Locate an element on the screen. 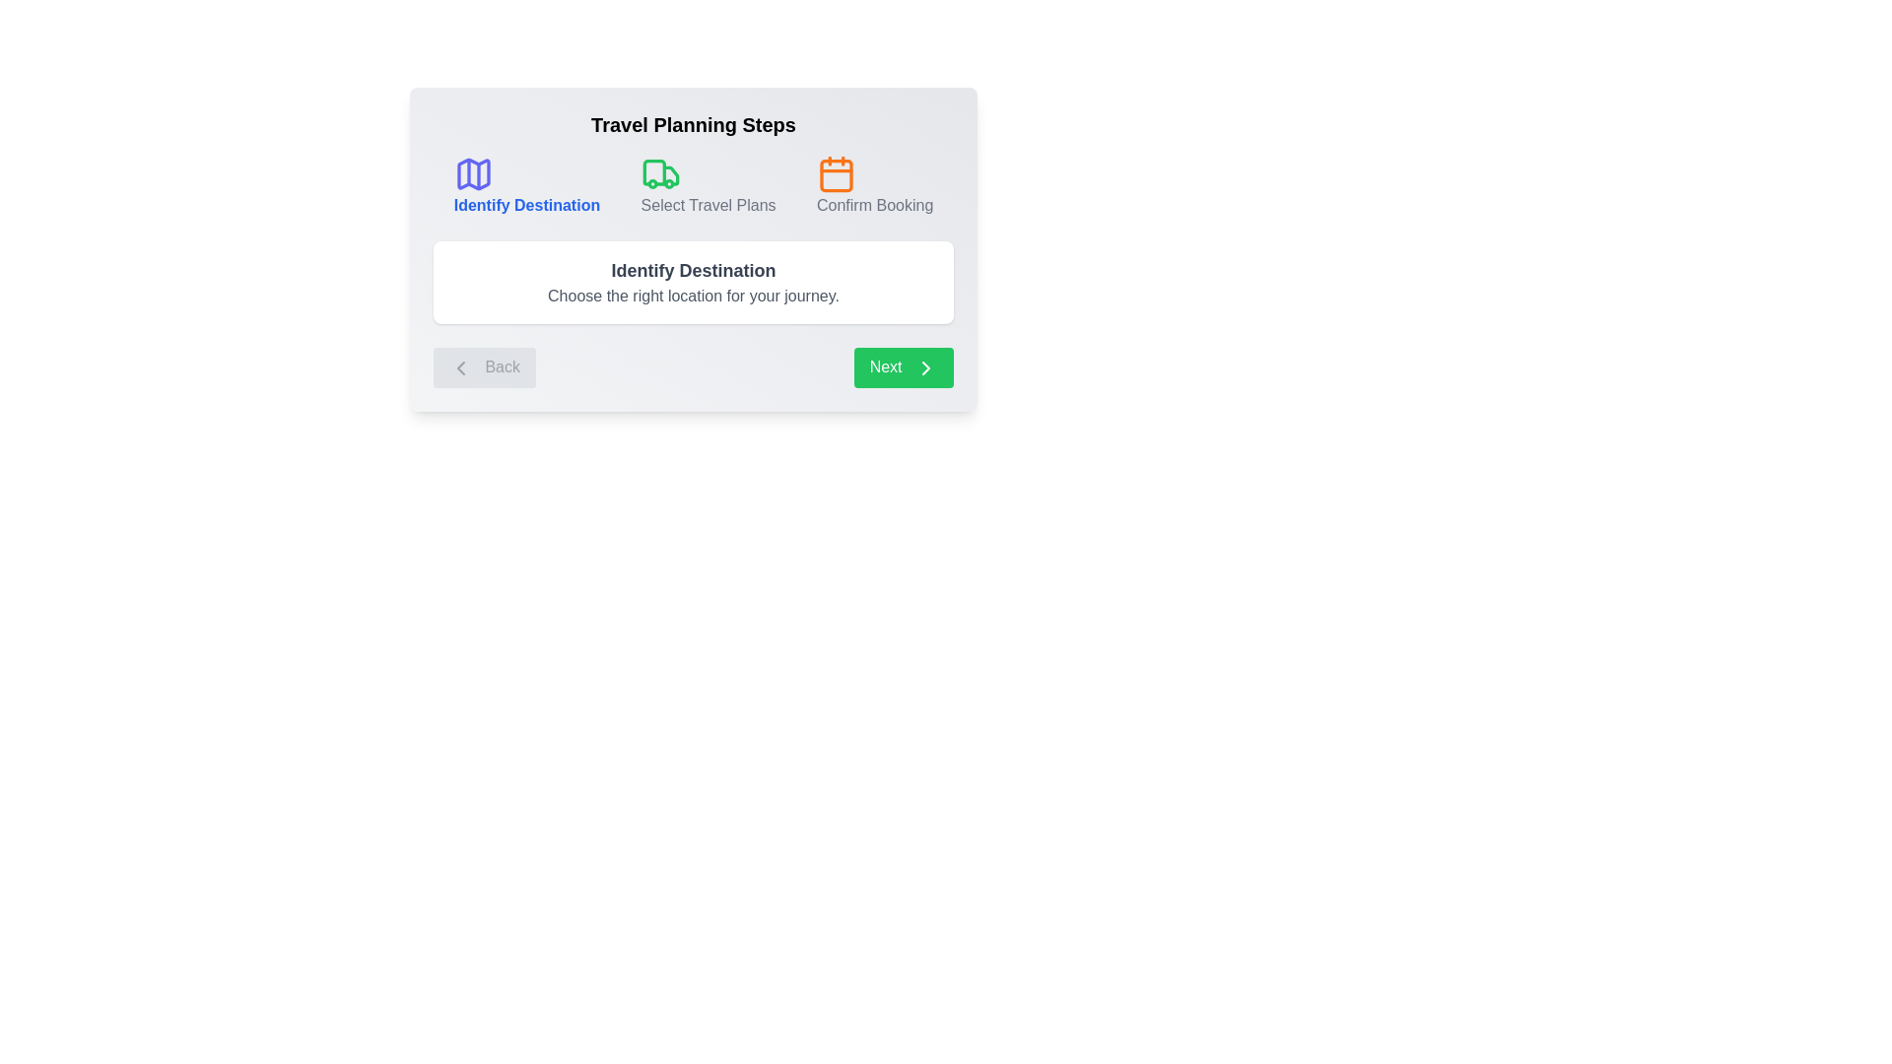 The height and width of the screenshot is (1064, 1892). the SVG chevron icon that indicates the 'Back' navigation function within the 'Back' button is located at coordinates (459, 367).